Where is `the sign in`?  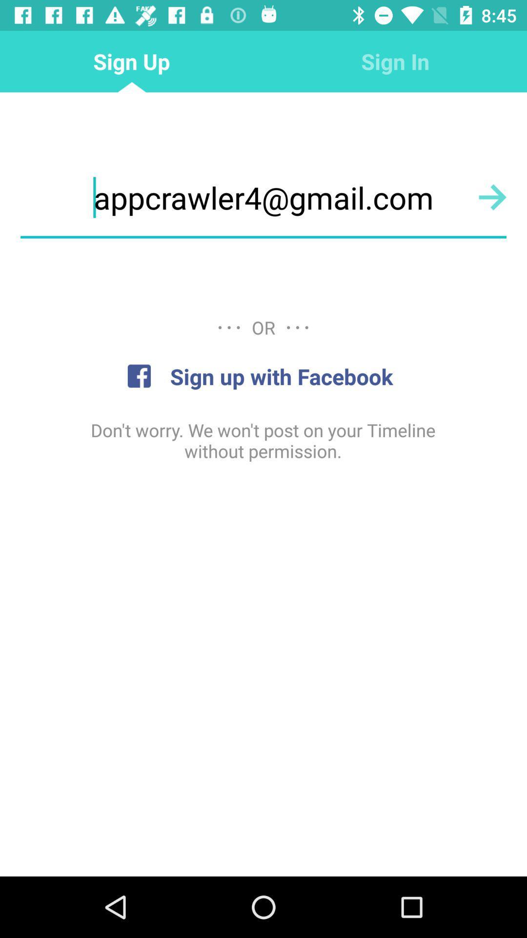
the sign in is located at coordinates (395, 61).